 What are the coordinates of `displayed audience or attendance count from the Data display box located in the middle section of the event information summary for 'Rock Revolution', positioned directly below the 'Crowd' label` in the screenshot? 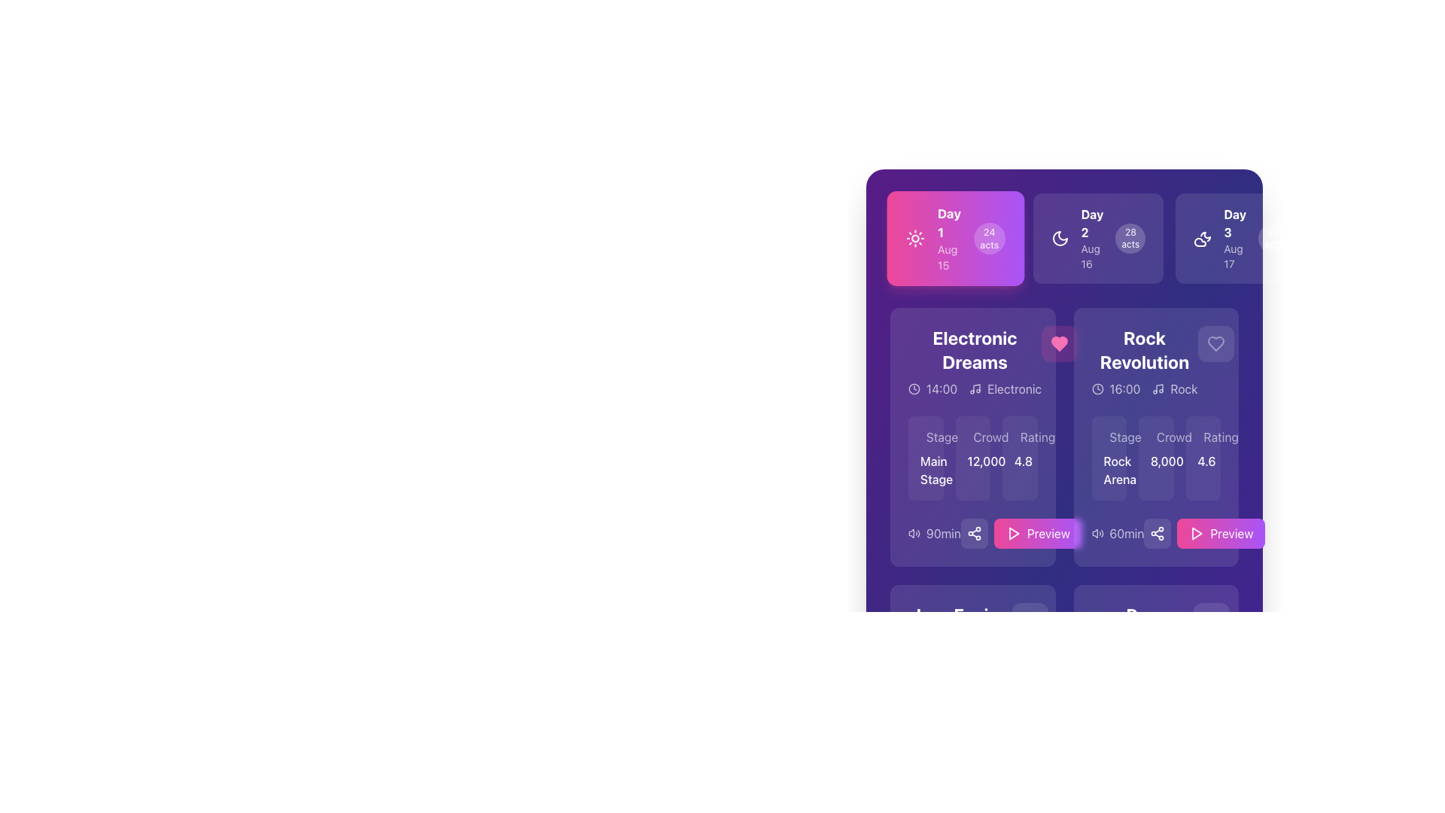 It's located at (1155, 458).